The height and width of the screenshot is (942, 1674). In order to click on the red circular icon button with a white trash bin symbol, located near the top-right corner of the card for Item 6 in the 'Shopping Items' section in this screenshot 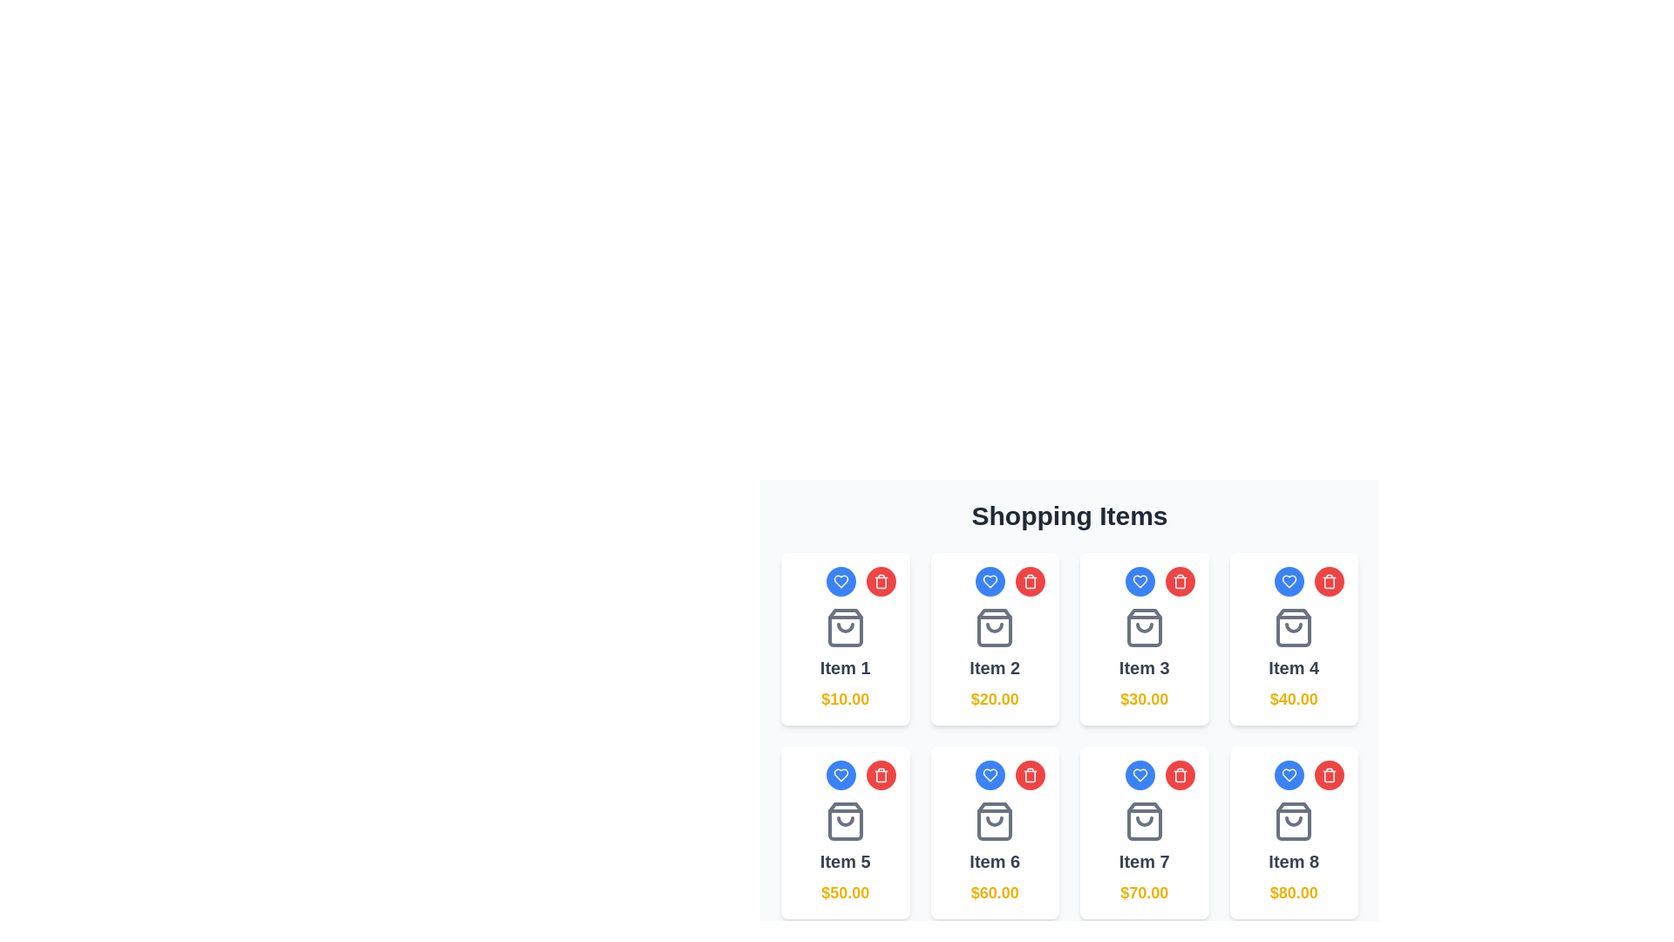, I will do `click(1180, 774)`.